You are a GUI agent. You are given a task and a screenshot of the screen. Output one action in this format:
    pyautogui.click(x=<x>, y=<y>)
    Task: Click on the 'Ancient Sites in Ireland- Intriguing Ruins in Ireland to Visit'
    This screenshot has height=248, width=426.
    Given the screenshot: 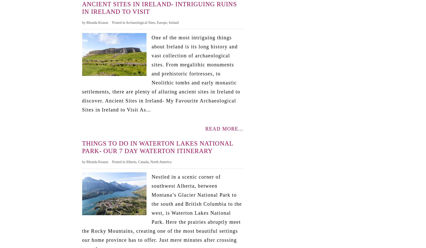 What is the action you would take?
    pyautogui.click(x=159, y=7)
    